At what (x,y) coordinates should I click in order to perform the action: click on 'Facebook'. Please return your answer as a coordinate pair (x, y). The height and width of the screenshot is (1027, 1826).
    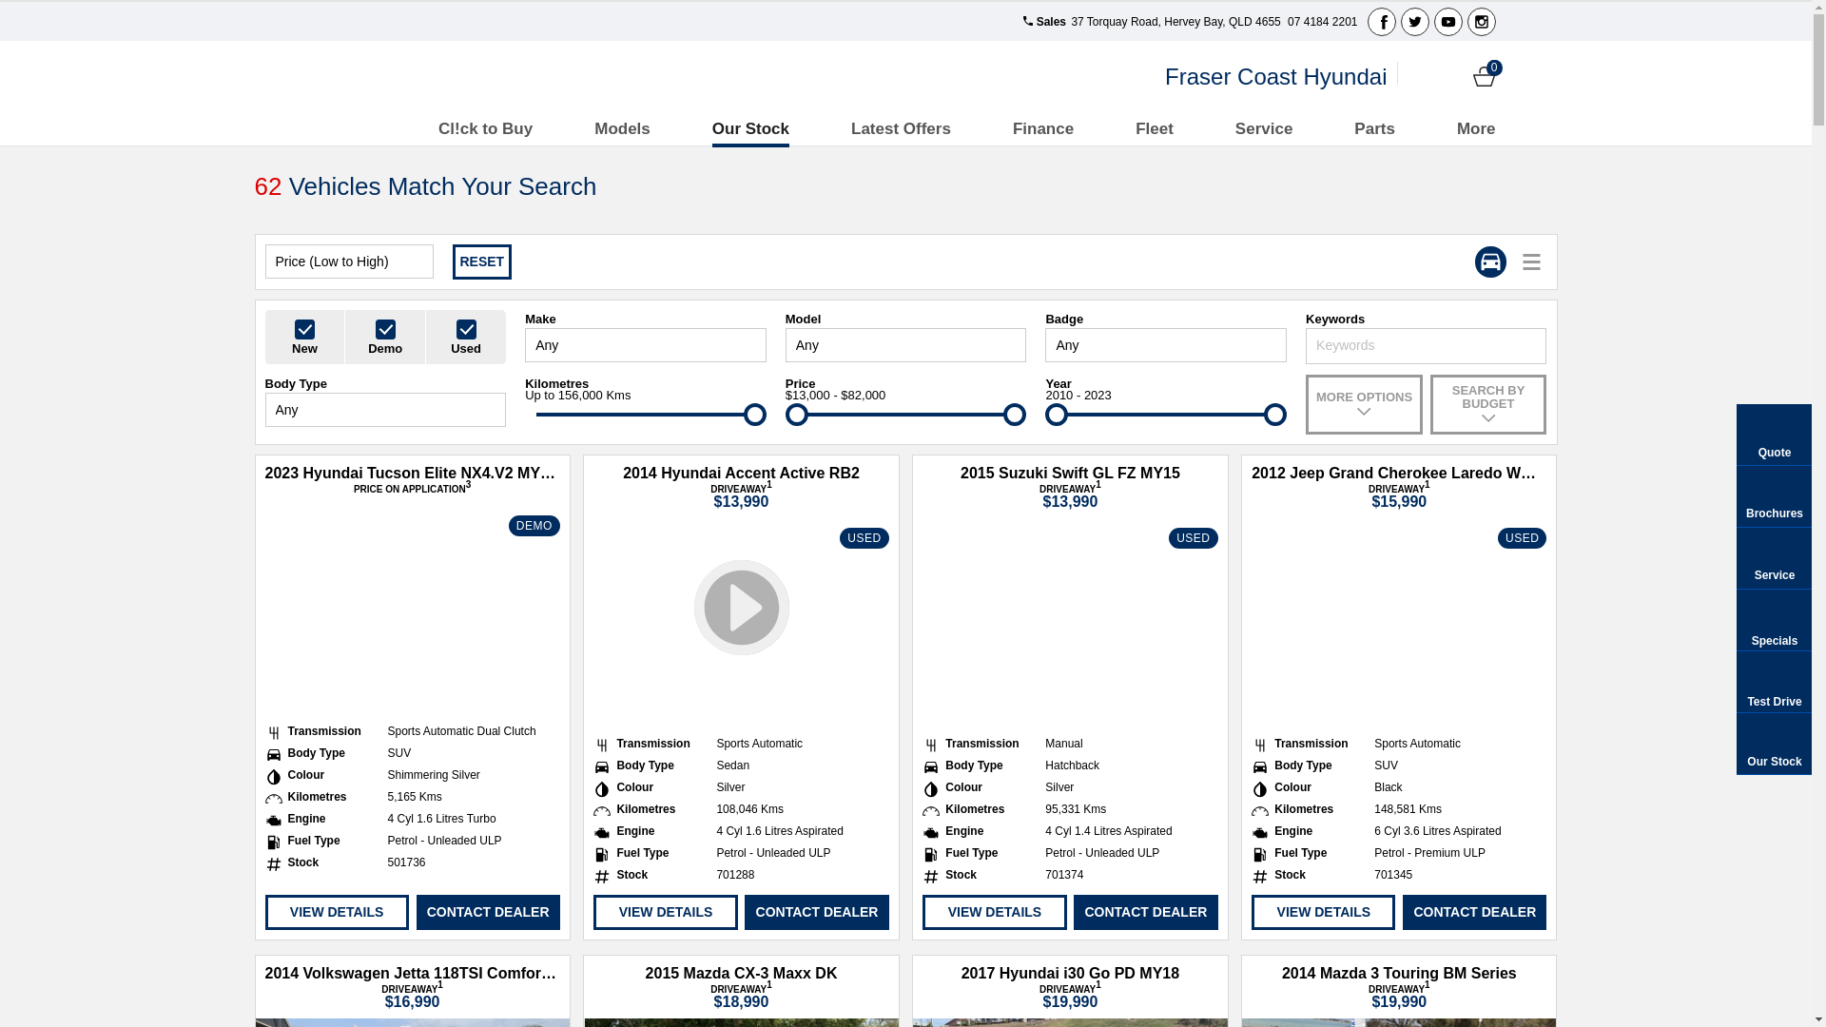
    Looking at the image, I should click on (1367, 22).